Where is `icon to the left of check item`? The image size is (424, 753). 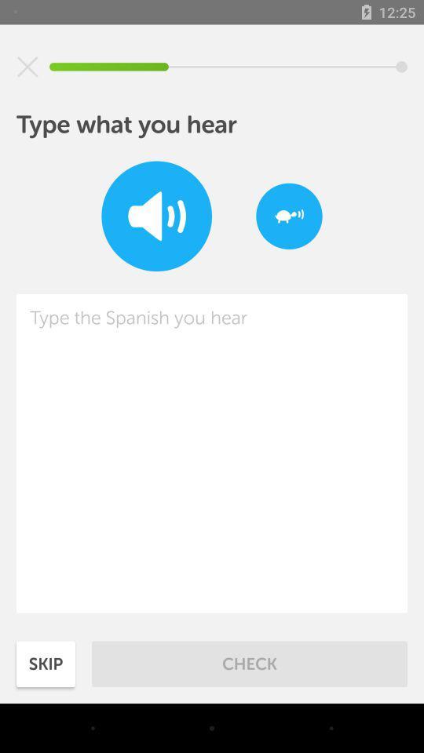 icon to the left of check item is located at coordinates (46, 663).